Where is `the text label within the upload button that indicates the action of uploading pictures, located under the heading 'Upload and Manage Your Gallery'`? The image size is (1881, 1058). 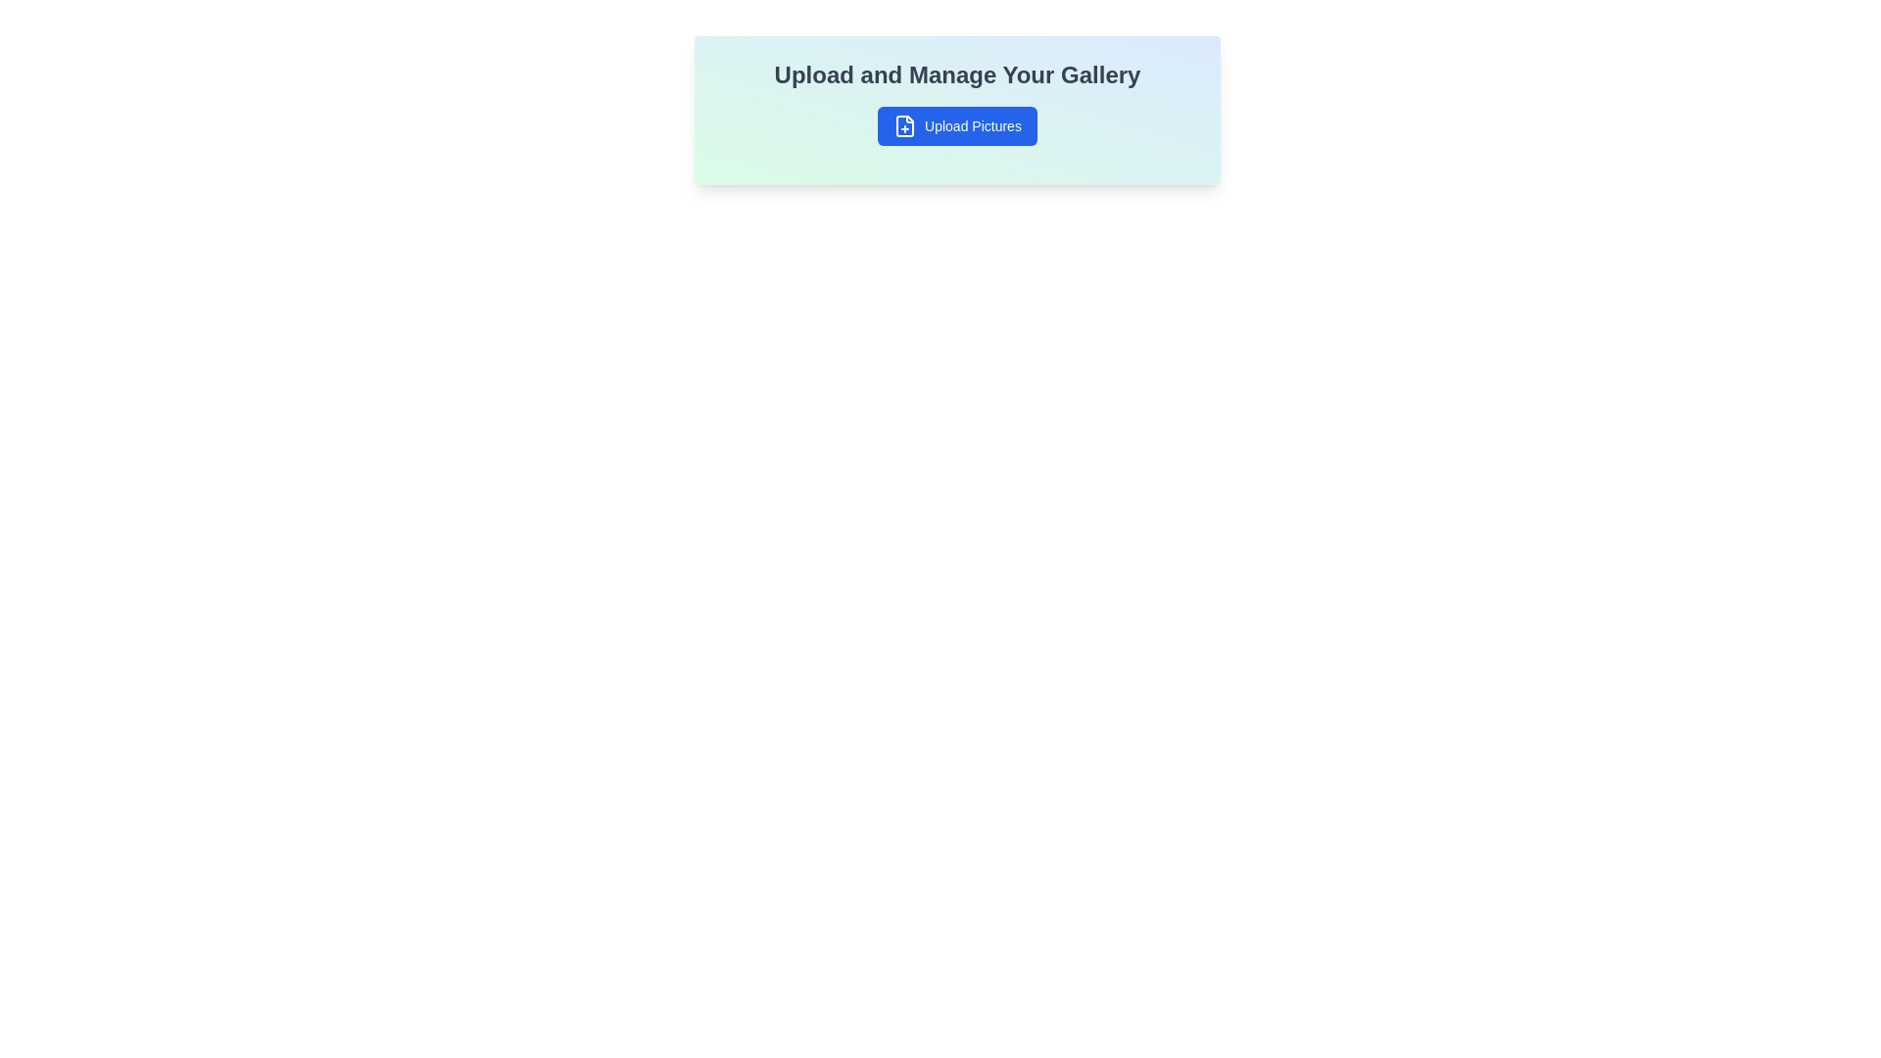
the text label within the upload button that indicates the action of uploading pictures, located under the heading 'Upload and Manage Your Gallery' is located at coordinates (973, 125).